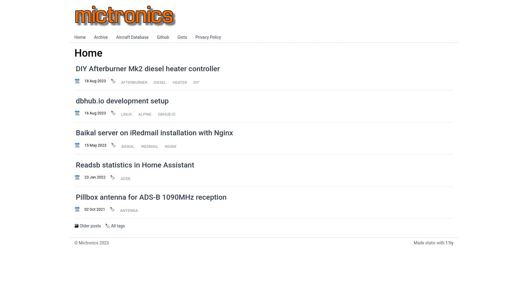 Image resolution: width=528 pixels, height=298 pixels. Describe the element at coordinates (135, 165) in the screenshot. I see `'Readsb statistics in Home Assistant'` at that location.